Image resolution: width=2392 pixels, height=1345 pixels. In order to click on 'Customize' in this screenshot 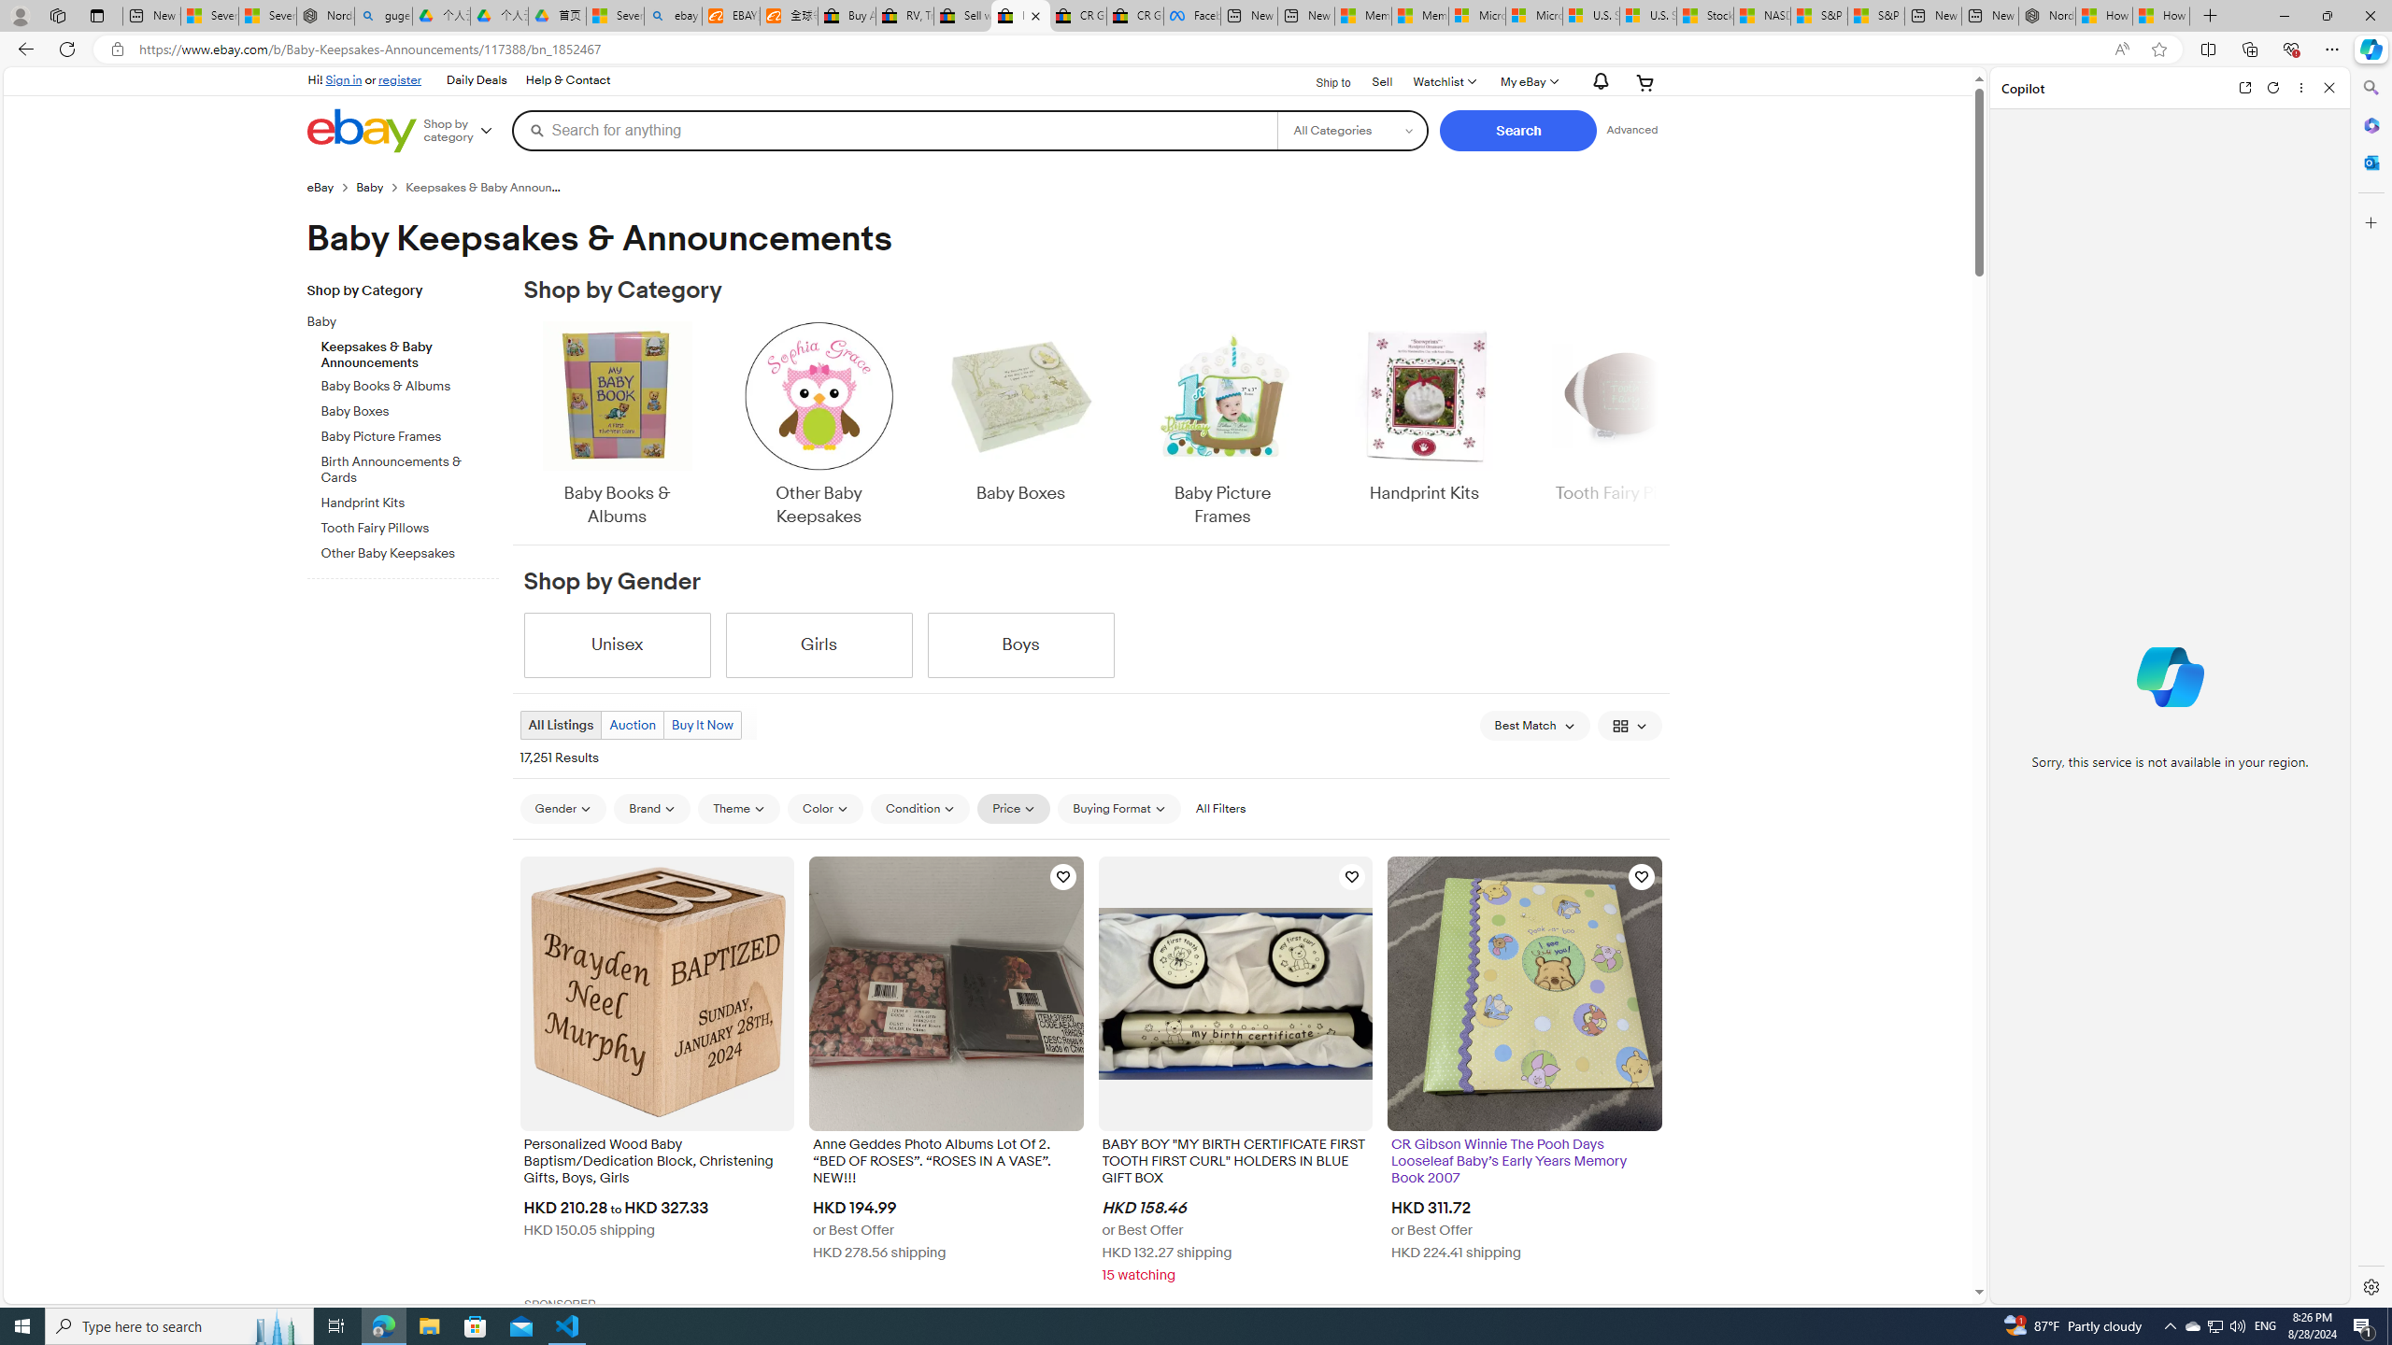, I will do `click(2369, 221)`.